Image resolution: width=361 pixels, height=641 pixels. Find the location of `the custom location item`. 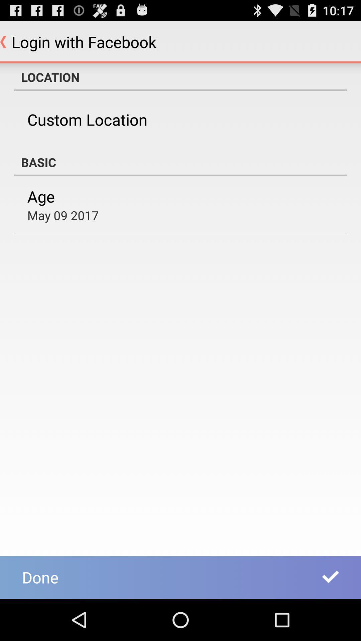

the custom location item is located at coordinates (87, 120).